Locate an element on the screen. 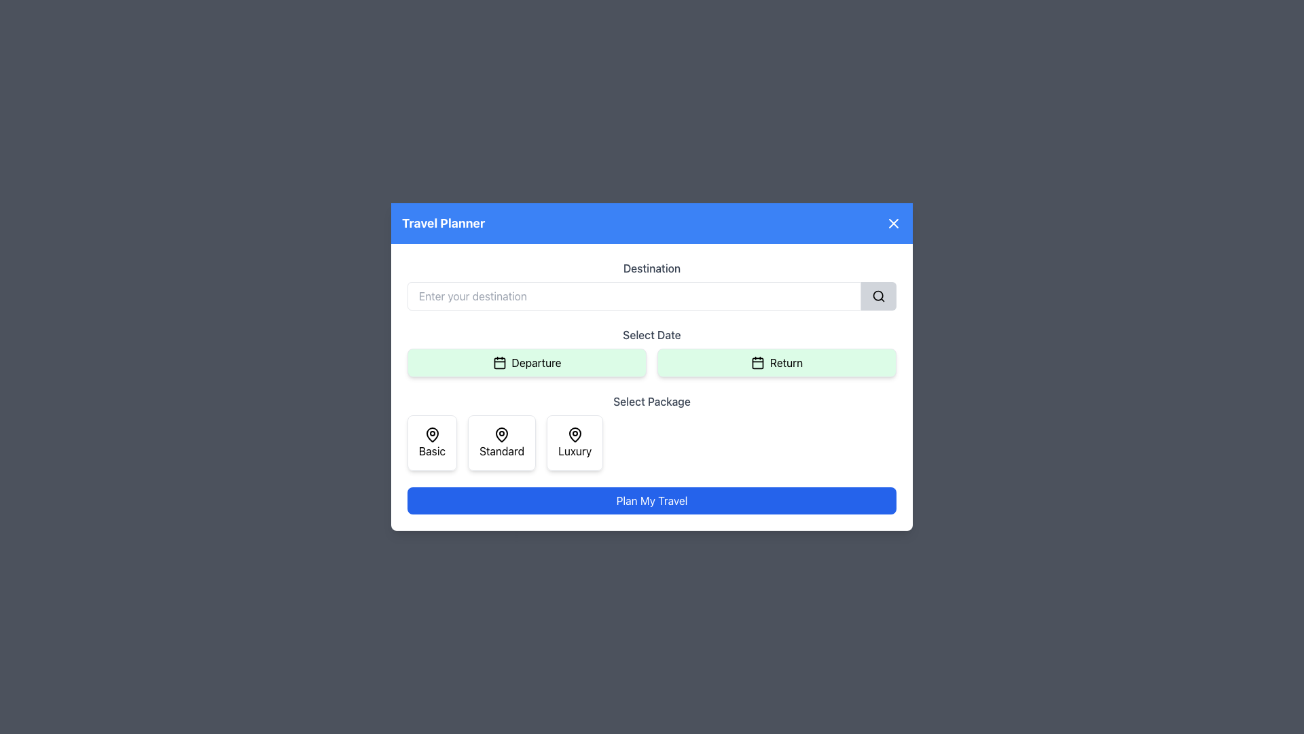 This screenshot has height=734, width=1304. the departure date selection icon located to the left of the 'Departure' text within the button-like interface in the Select Date section of the form is located at coordinates (499, 362).